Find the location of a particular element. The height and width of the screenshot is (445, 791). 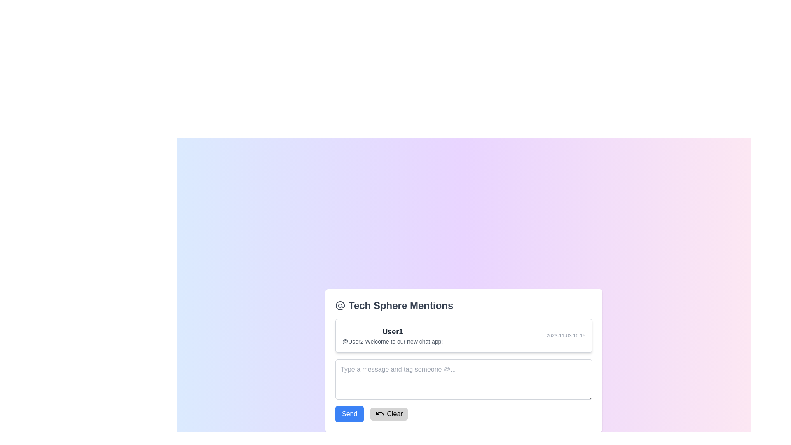

the '@' icon located to the left of the text 'Tech Sphere Mentions', which serves as a branding element in the interface is located at coordinates (340, 305).